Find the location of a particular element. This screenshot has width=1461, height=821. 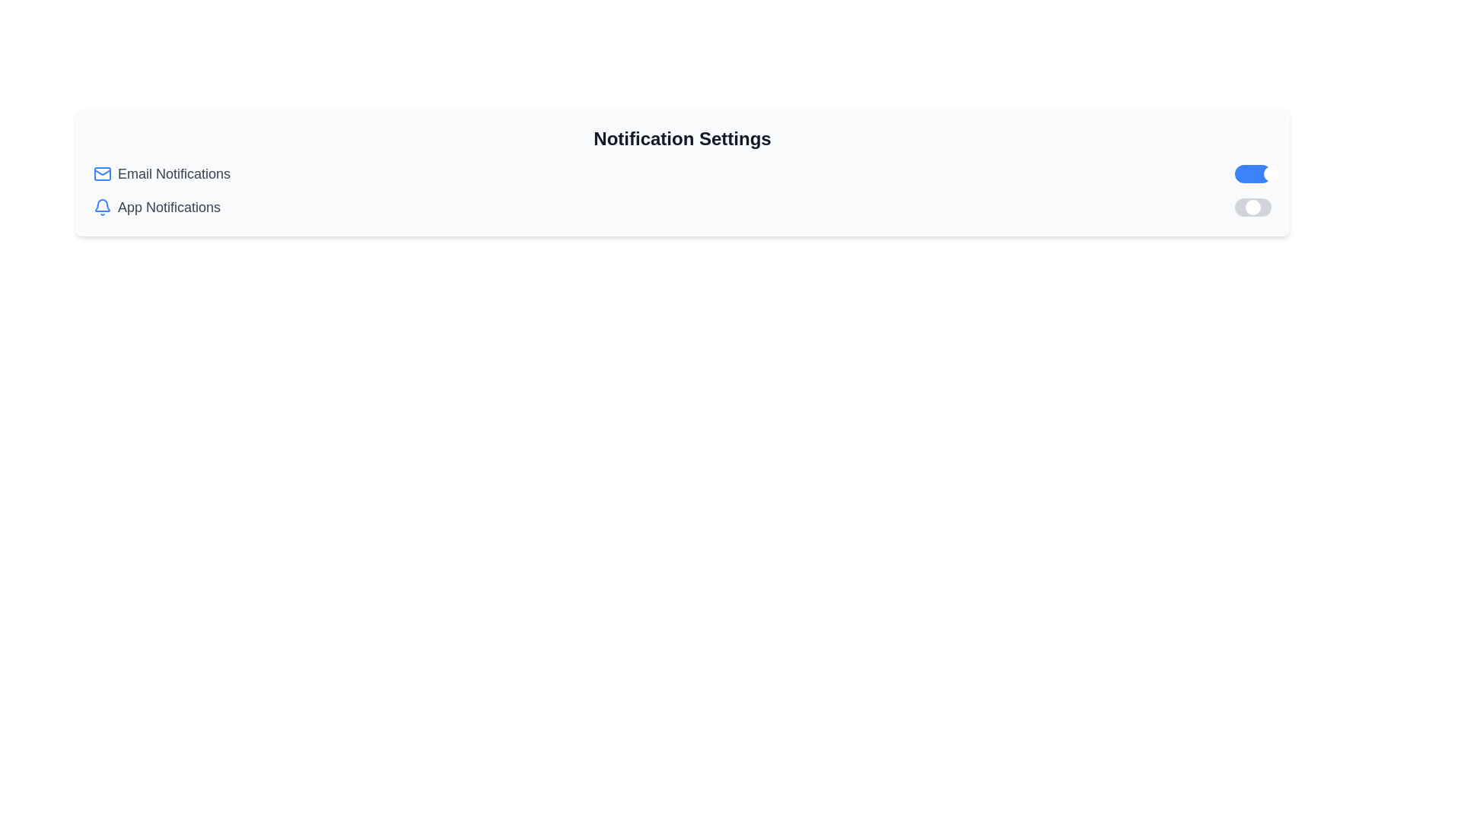

the circular toggle knob located on the right end of the horizontal toggle switch is located at coordinates (1253, 208).